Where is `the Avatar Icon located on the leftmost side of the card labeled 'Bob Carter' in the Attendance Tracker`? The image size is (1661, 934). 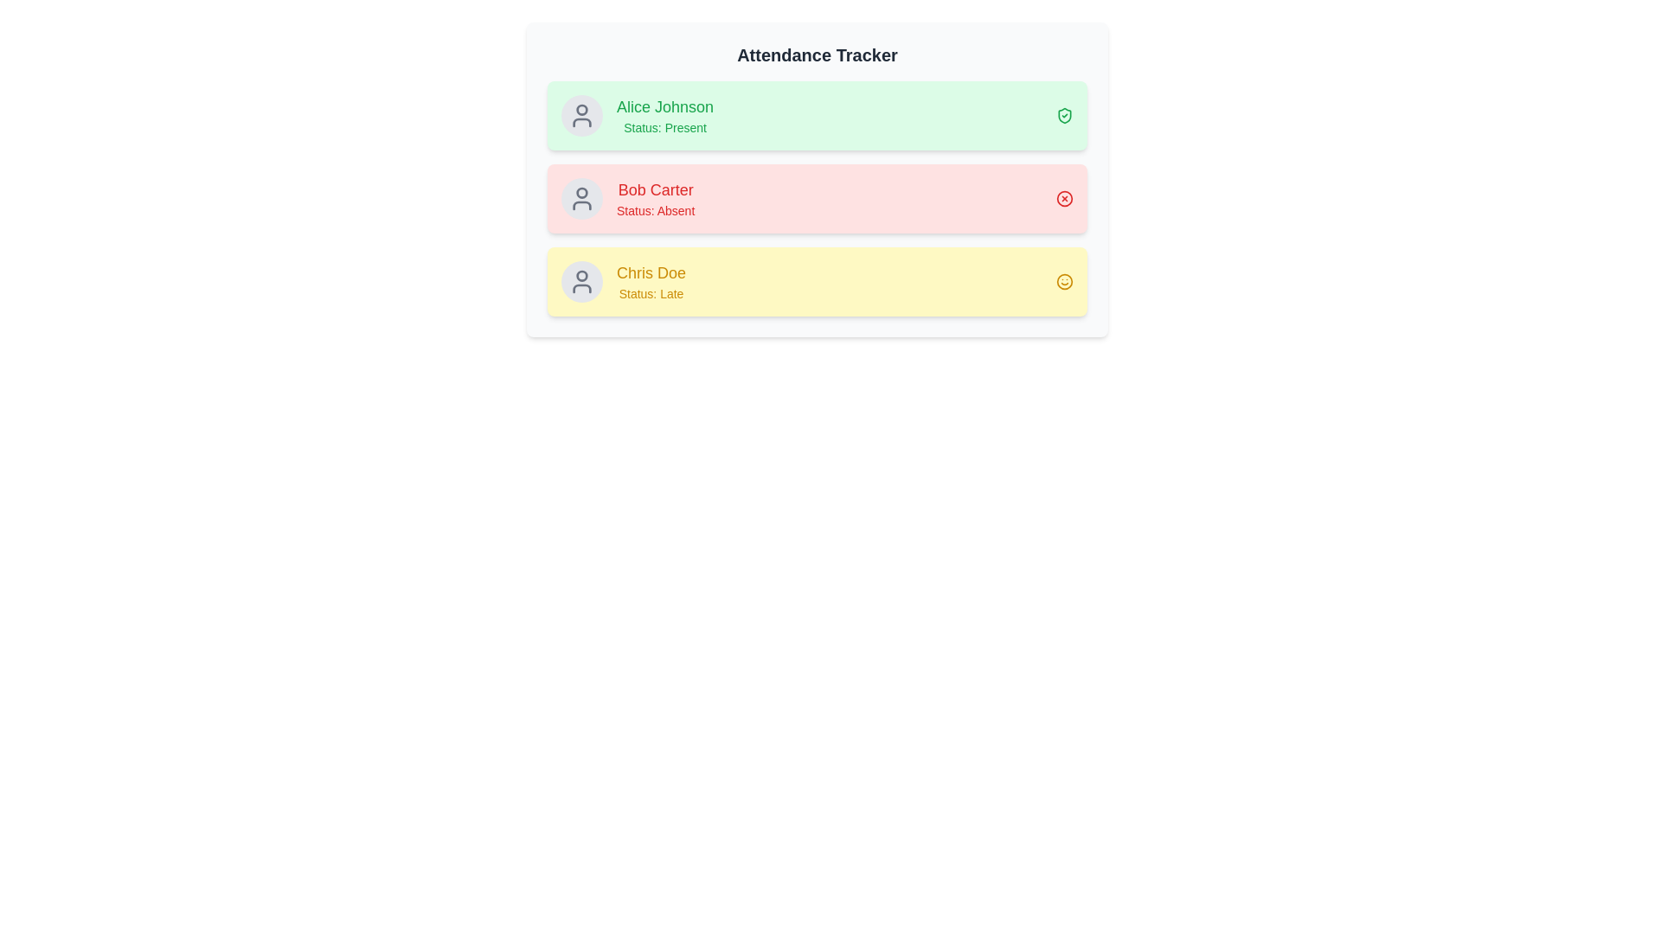 the Avatar Icon located on the leftmost side of the card labeled 'Bob Carter' in the Attendance Tracker is located at coordinates (581, 198).